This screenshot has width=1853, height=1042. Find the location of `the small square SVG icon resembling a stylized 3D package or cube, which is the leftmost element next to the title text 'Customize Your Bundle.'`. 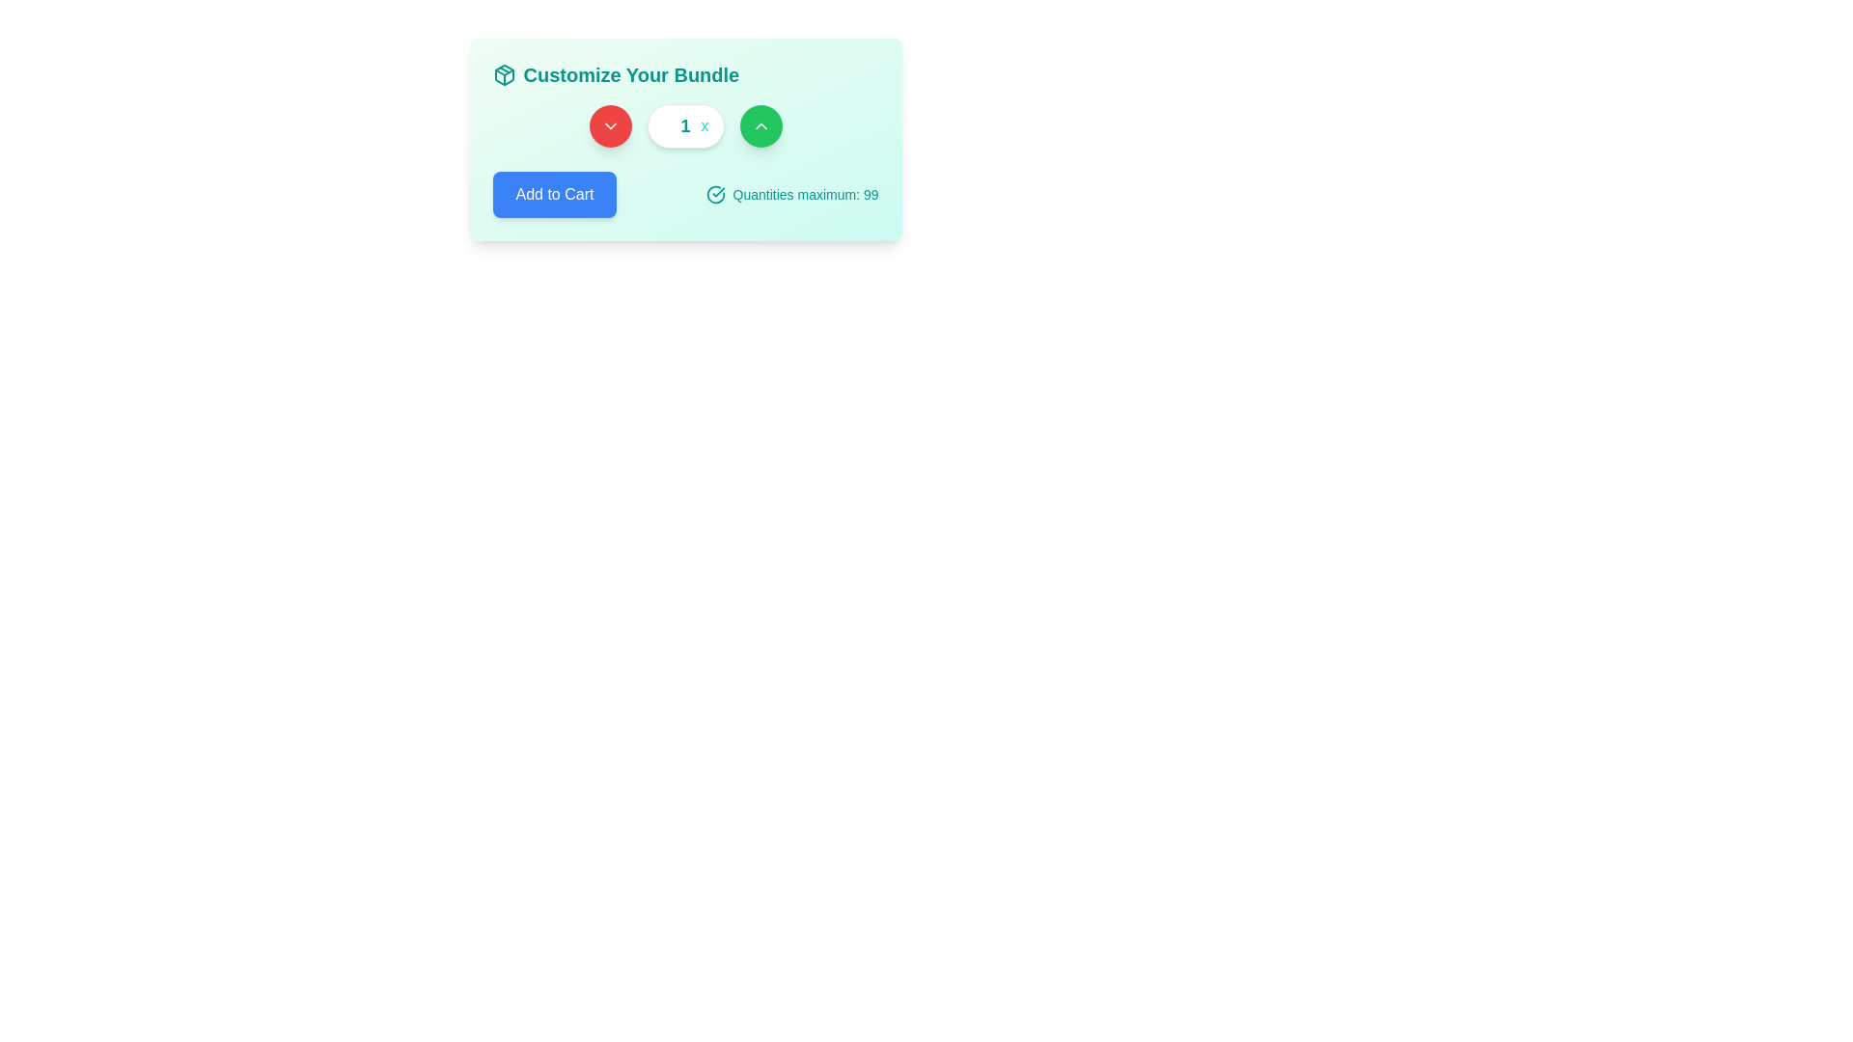

the small square SVG icon resembling a stylized 3D package or cube, which is the leftmost element next to the title text 'Customize Your Bundle.' is located at coordinates (504, 73).